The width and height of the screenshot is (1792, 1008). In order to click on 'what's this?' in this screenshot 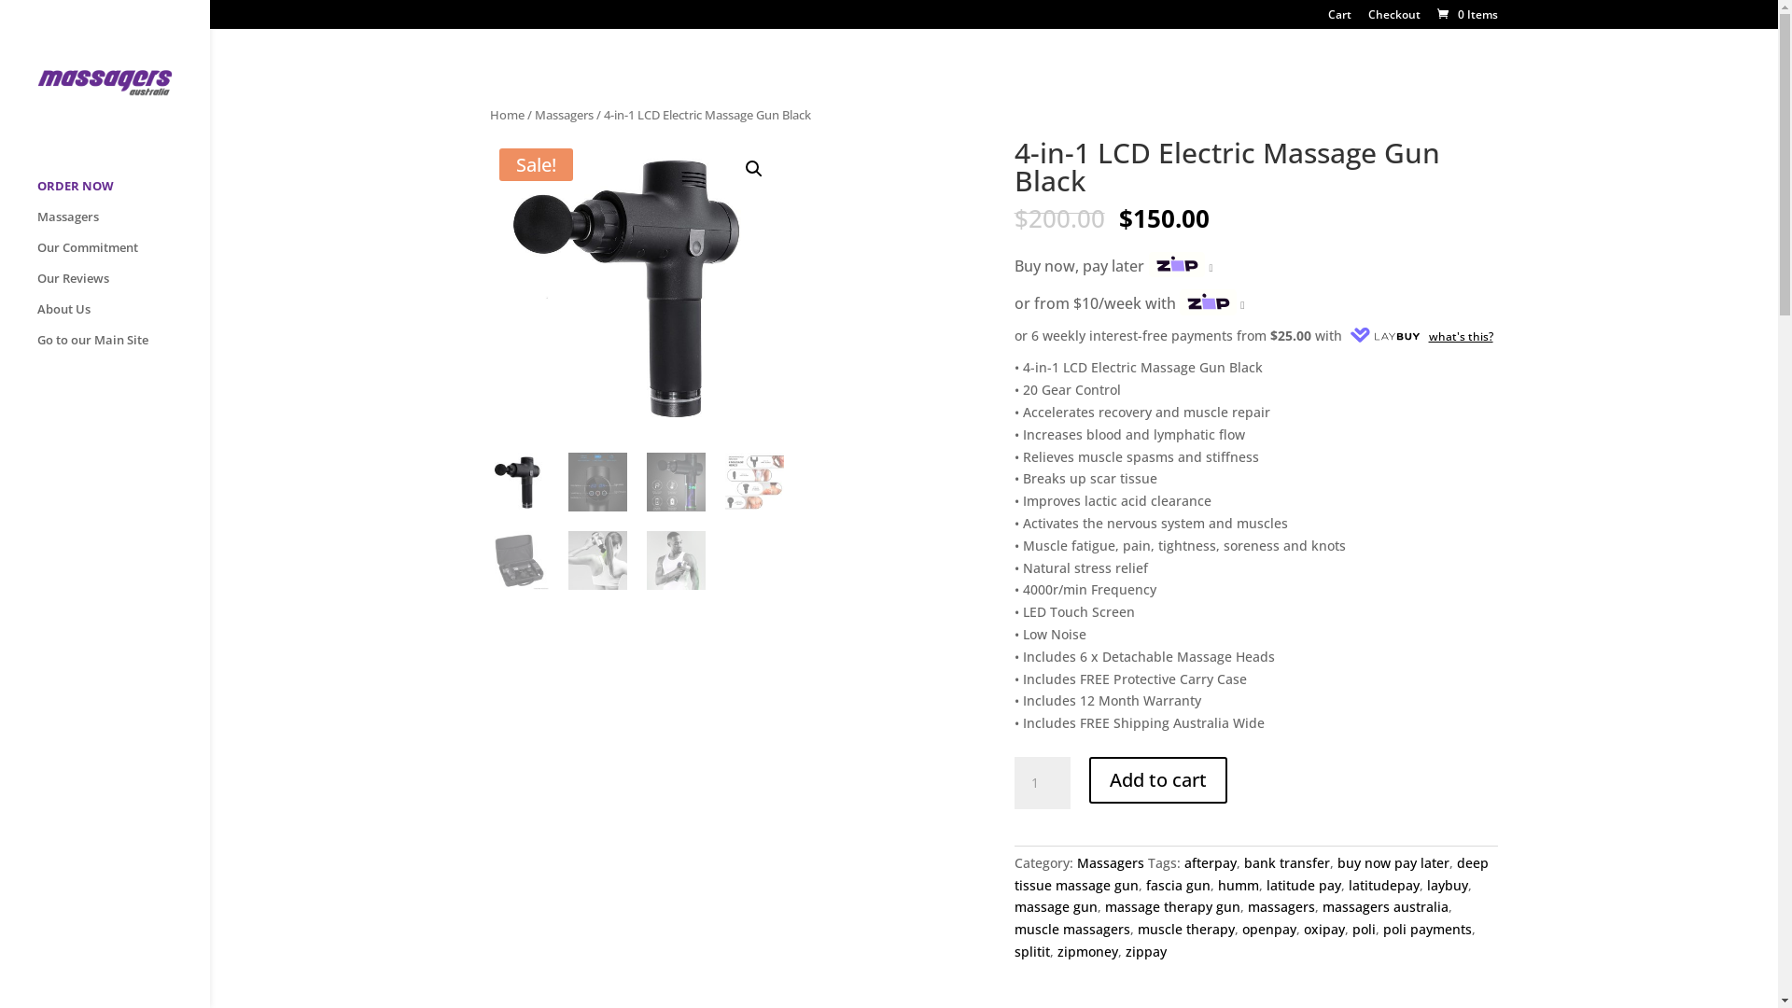, I will do `click(1345, 334)`.